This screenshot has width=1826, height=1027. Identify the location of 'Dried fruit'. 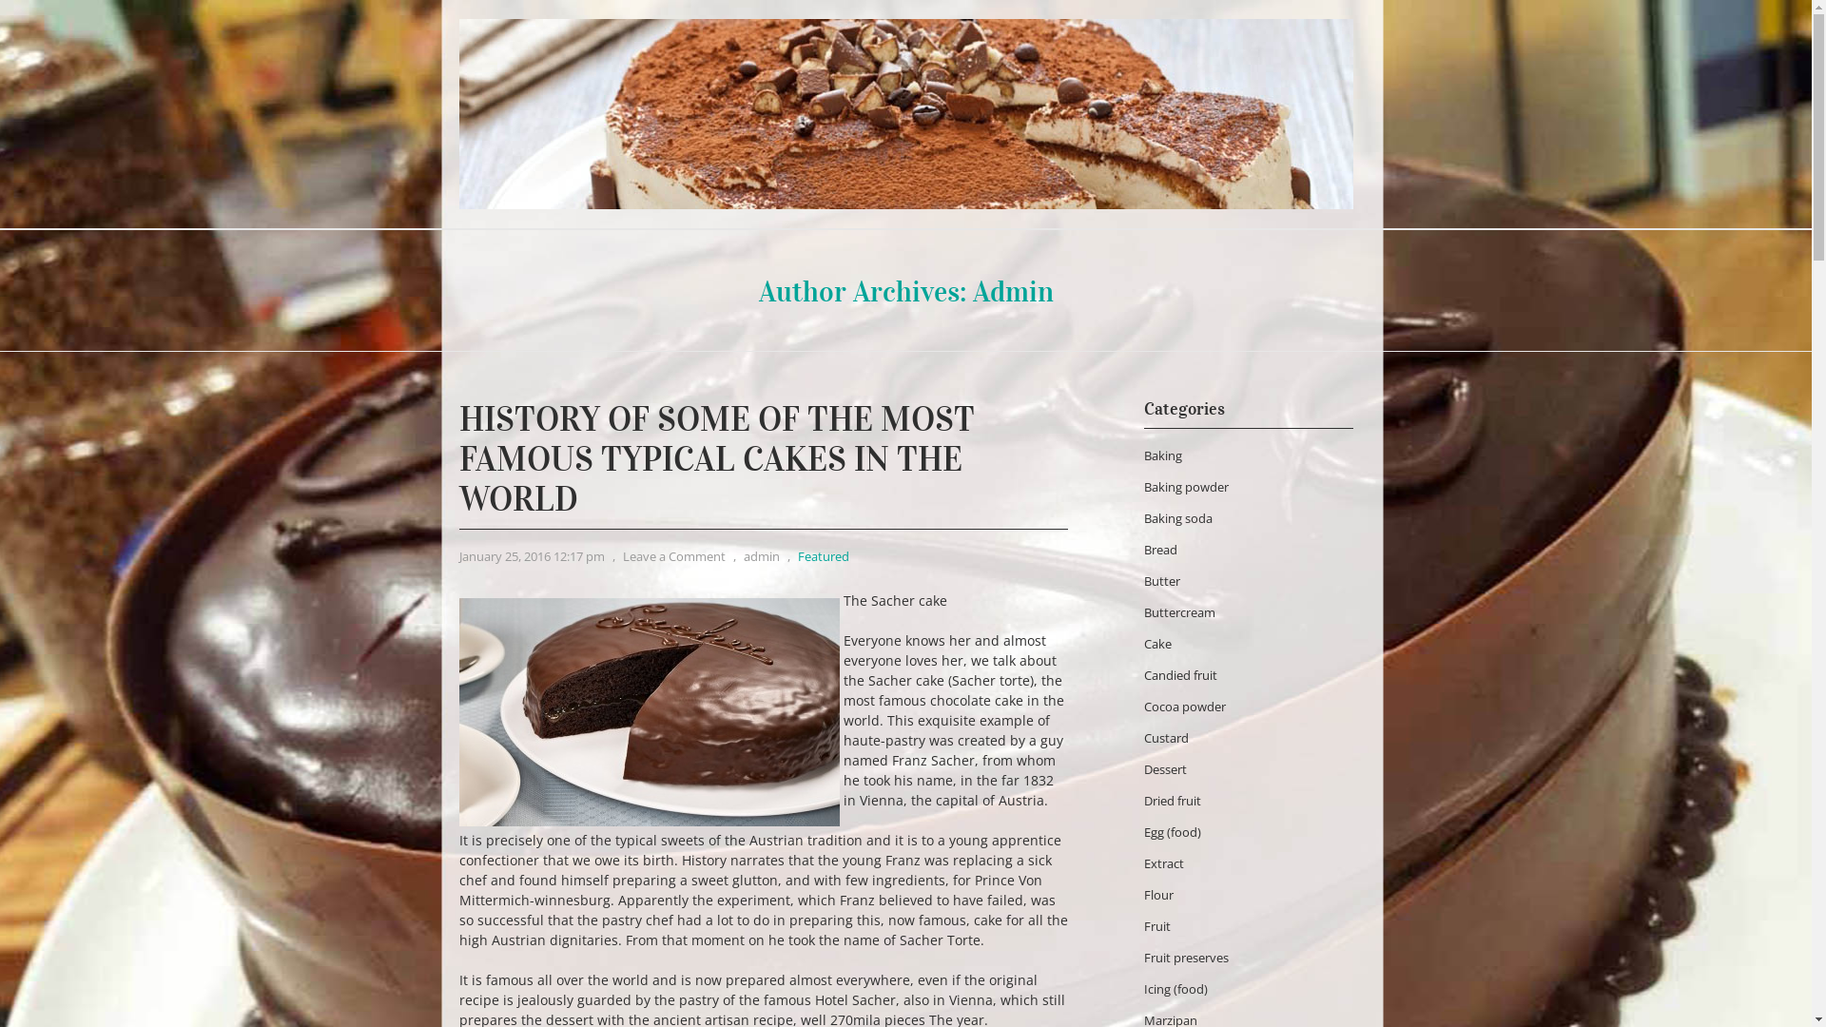
(1171, 800).